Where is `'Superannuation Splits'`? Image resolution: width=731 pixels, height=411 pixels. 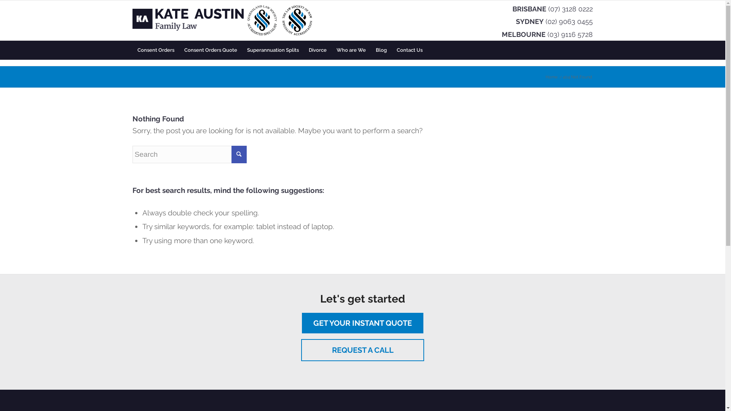 'Superannuation Splits' is located at coordinates (241, 50).